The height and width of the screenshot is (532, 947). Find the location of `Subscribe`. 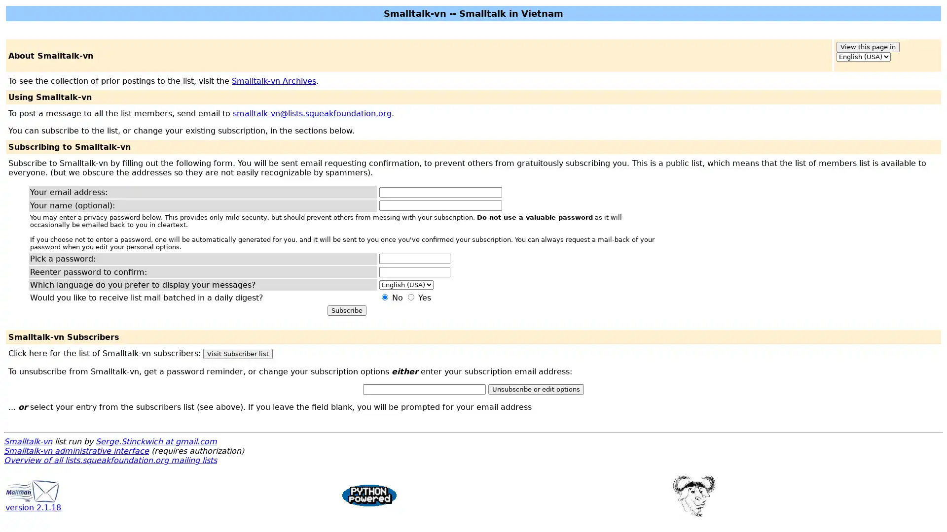

Subscribe is located at coordinates (346, 310).